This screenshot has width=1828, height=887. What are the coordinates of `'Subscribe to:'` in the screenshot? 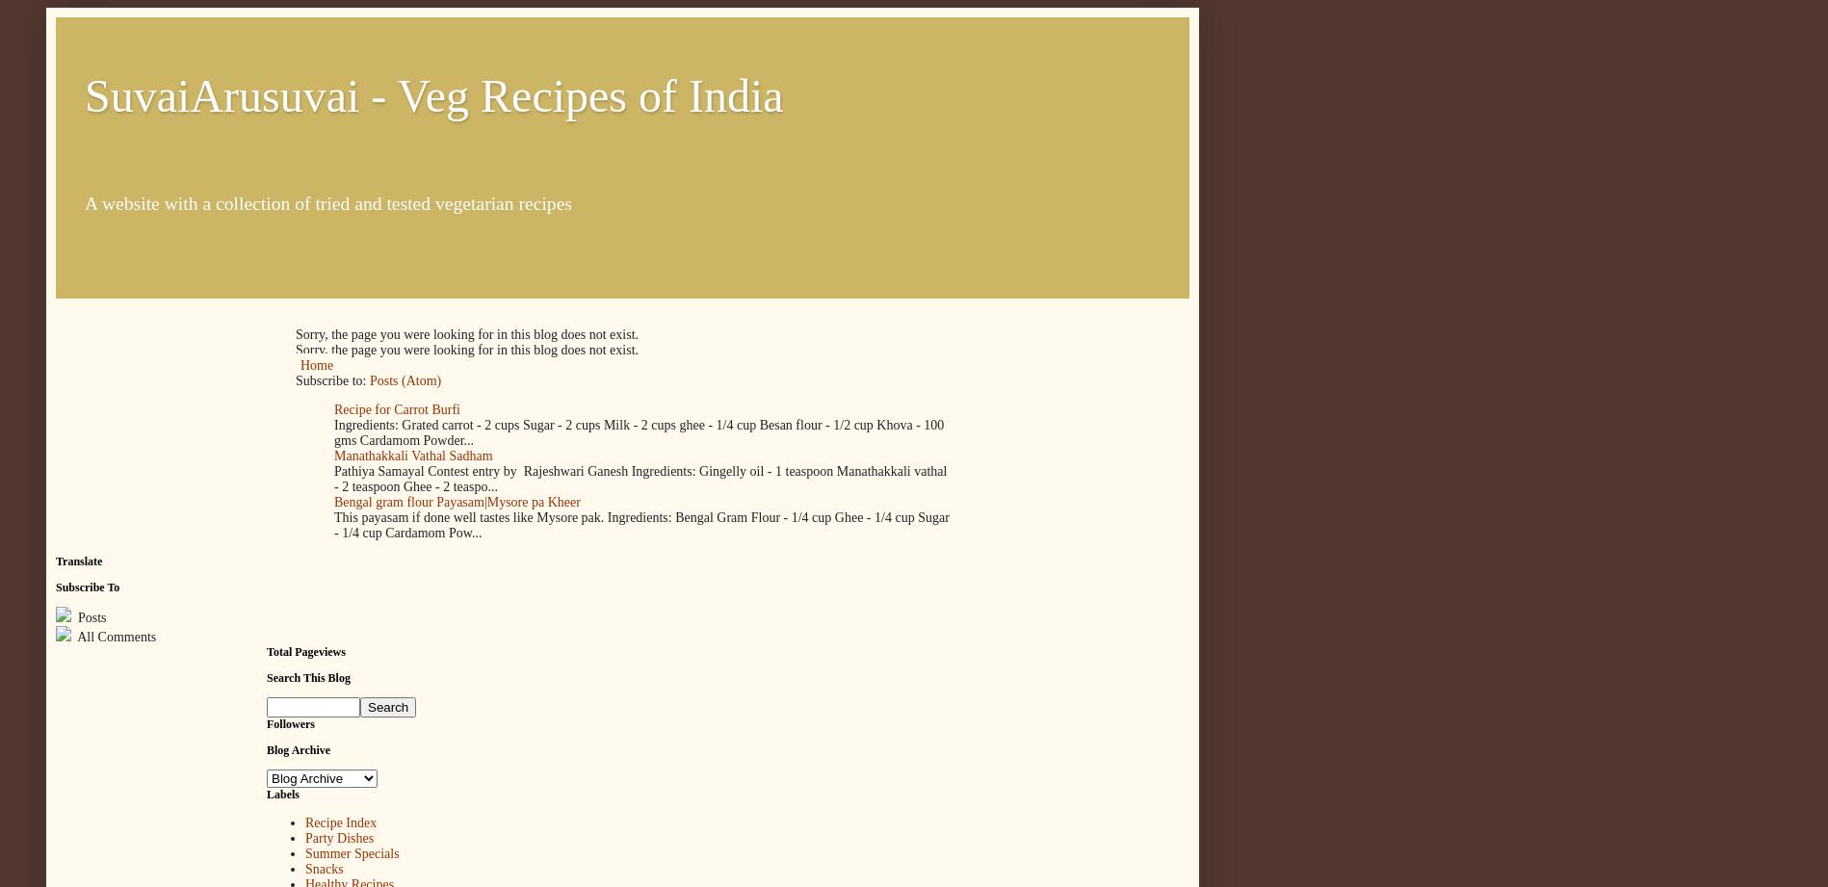 It's located at (332, 380).